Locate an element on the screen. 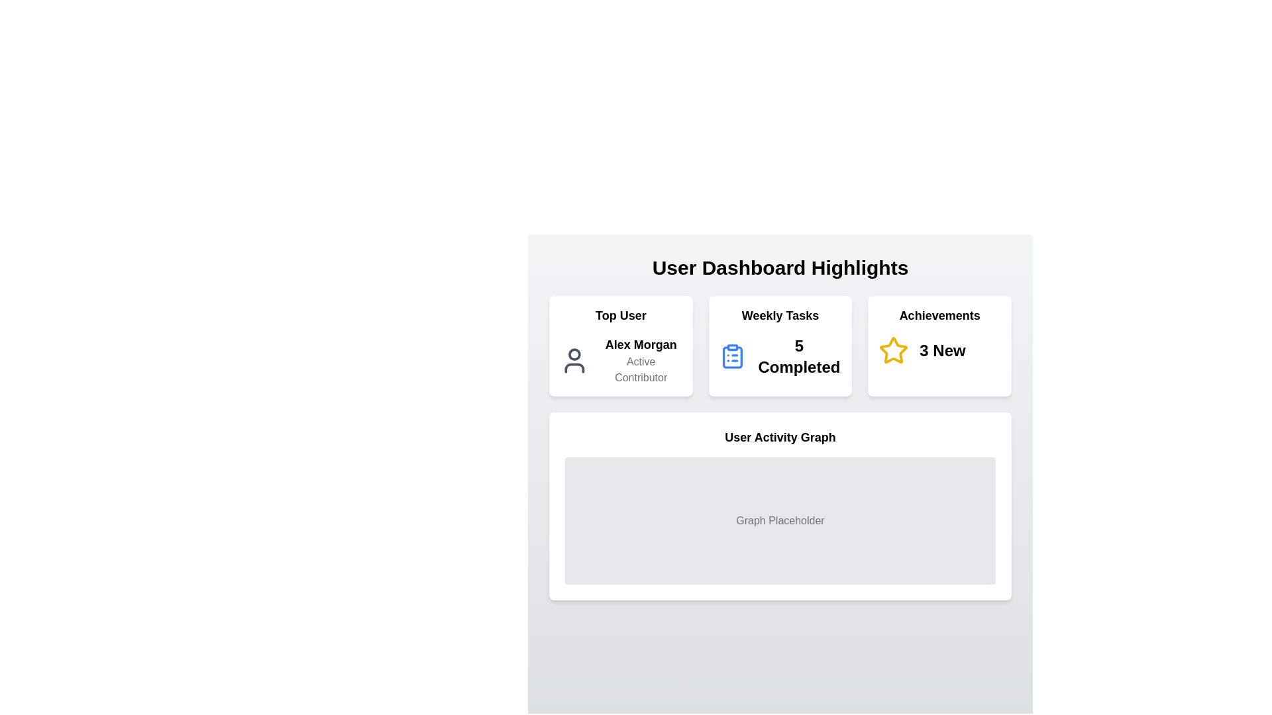 The width and height of the screenshot is (1272, 715). the achievements icon located at the top-right corner of the 'Achievements' section under the 'User Dashboard Highlights' heading is located at coordinates (894, 350).